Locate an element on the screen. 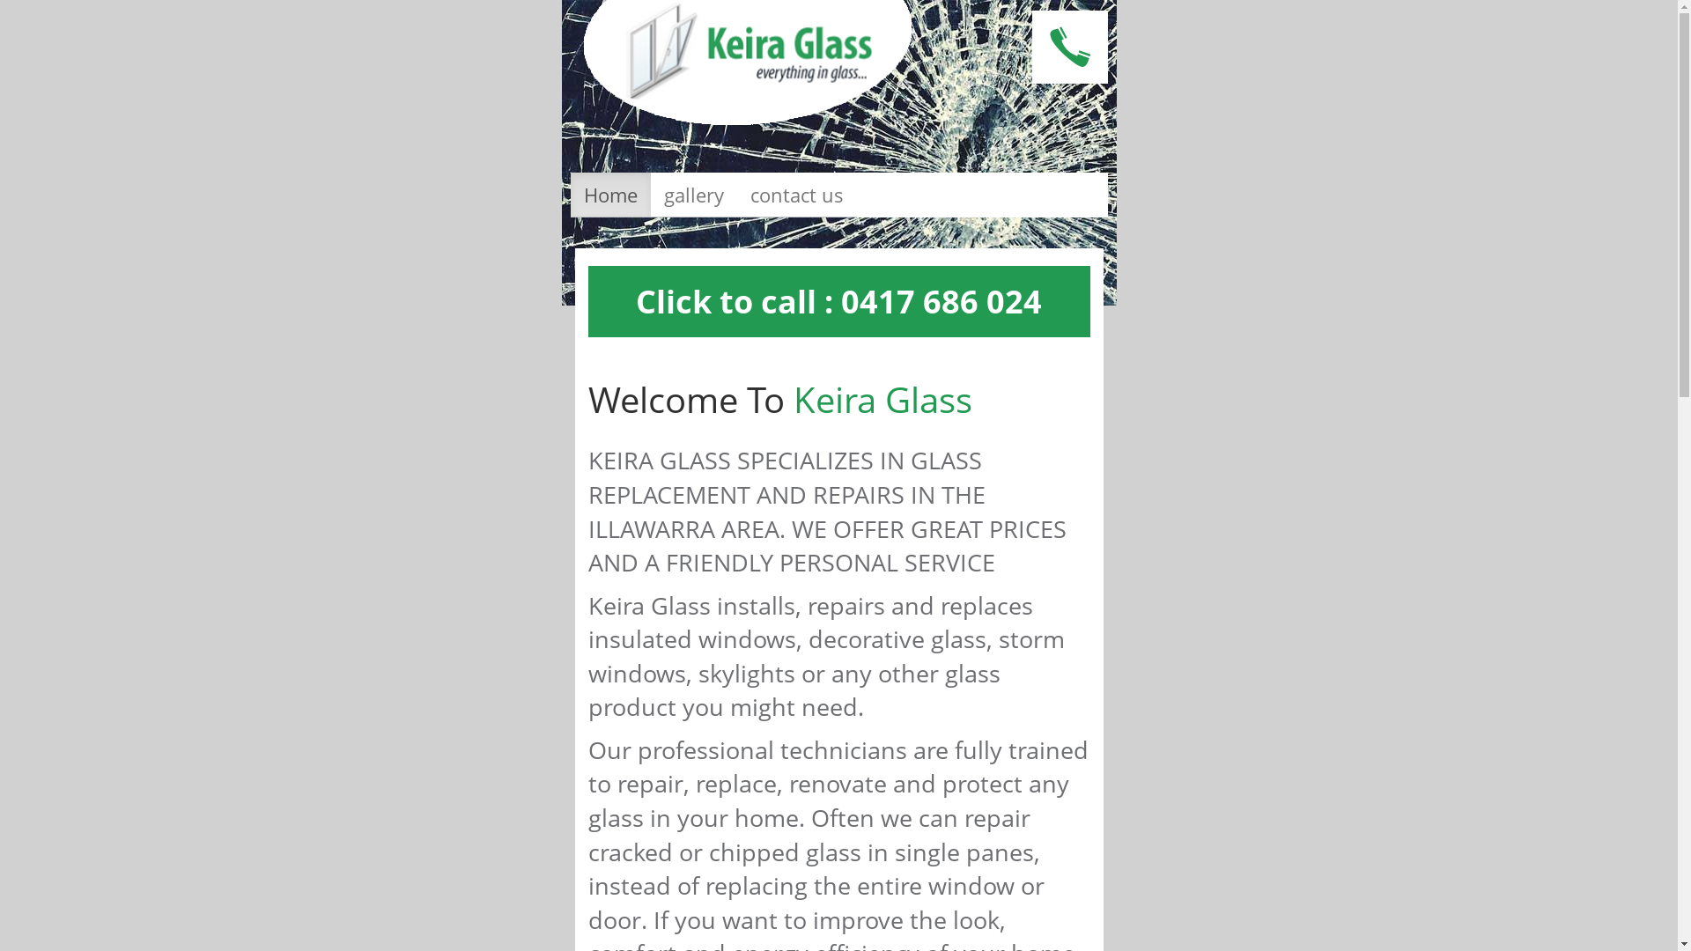  'Keira Glass' is located at coordinates (747, 61).